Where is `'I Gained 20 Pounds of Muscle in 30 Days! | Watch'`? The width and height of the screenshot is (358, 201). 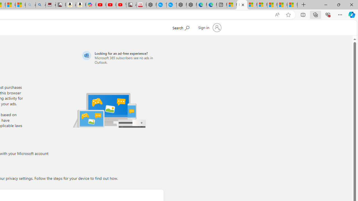
'I Gained 20 Pounds of Muscle in 30 Days! | Watch' is located at coordinates (282, 5).